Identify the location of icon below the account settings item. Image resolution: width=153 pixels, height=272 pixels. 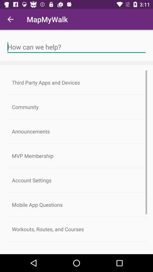
(76, 204).